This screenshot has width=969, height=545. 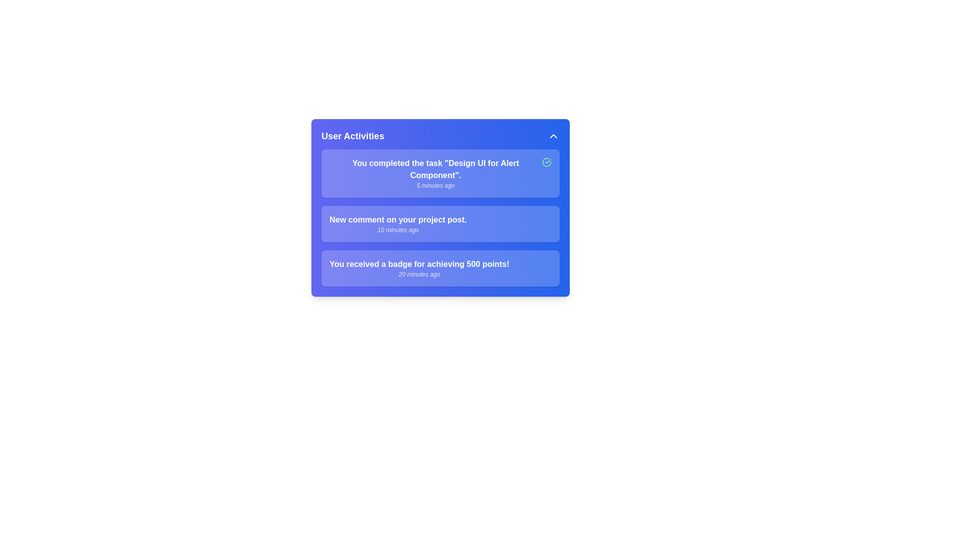 I want to click on the third notification item within the blue card labeled 'User Activities', so click(x=441, y=268).